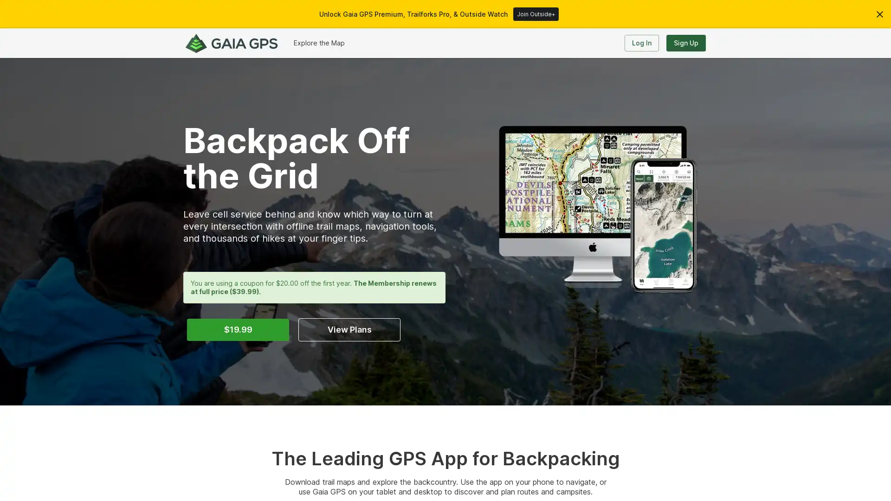 This screenshot has height=501, width=891. I want to click on Log In, so click(641, 43).